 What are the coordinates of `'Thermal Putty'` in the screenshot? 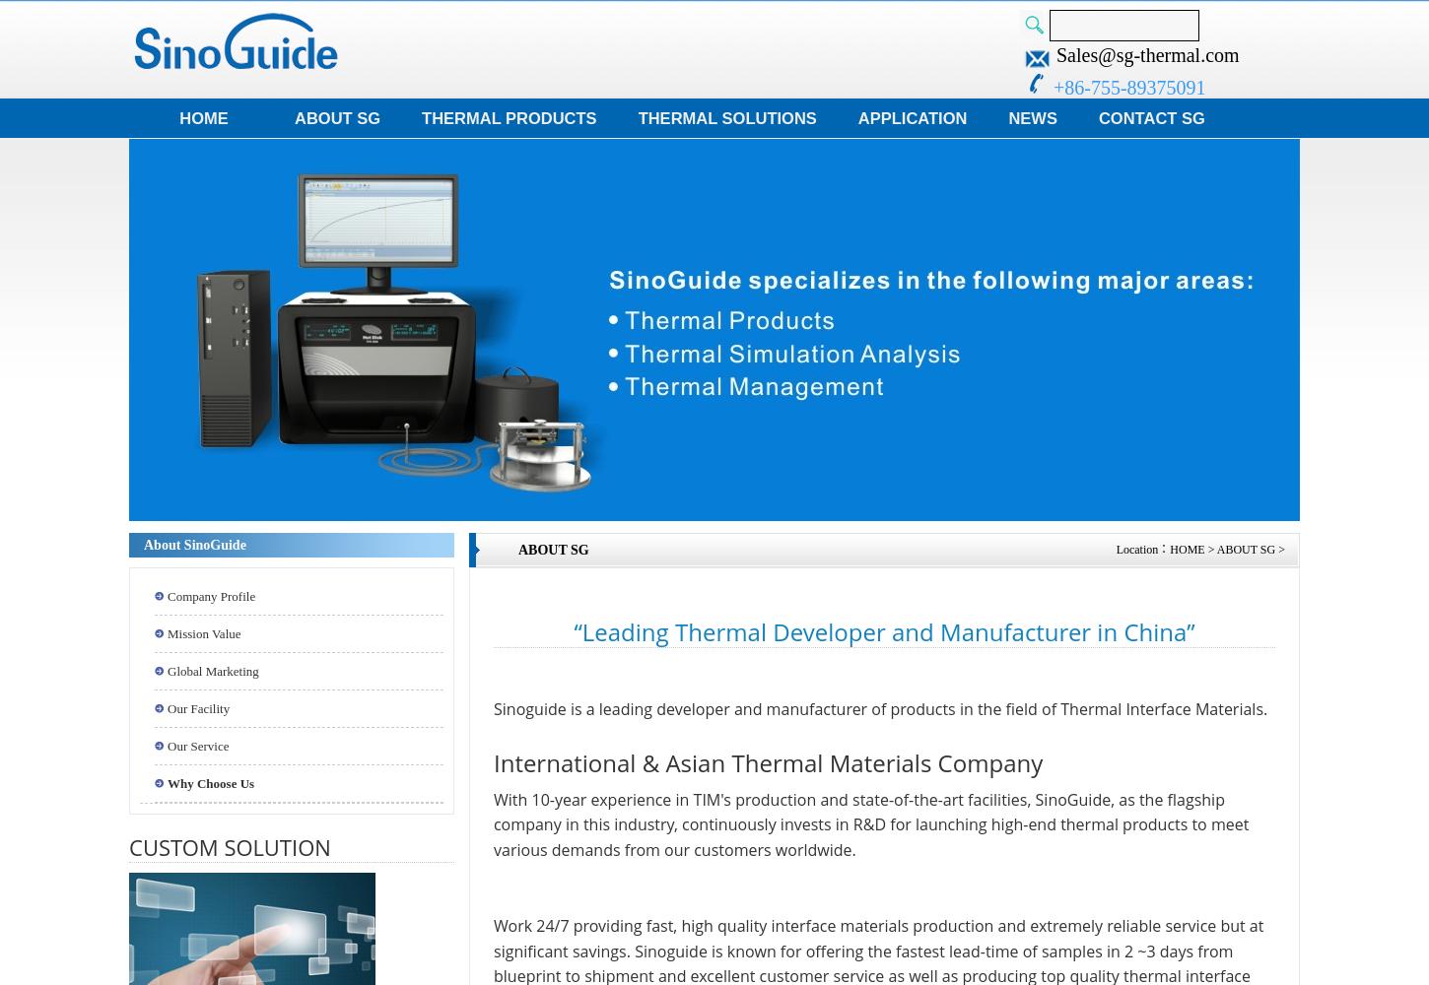 It's located at (62, 141).